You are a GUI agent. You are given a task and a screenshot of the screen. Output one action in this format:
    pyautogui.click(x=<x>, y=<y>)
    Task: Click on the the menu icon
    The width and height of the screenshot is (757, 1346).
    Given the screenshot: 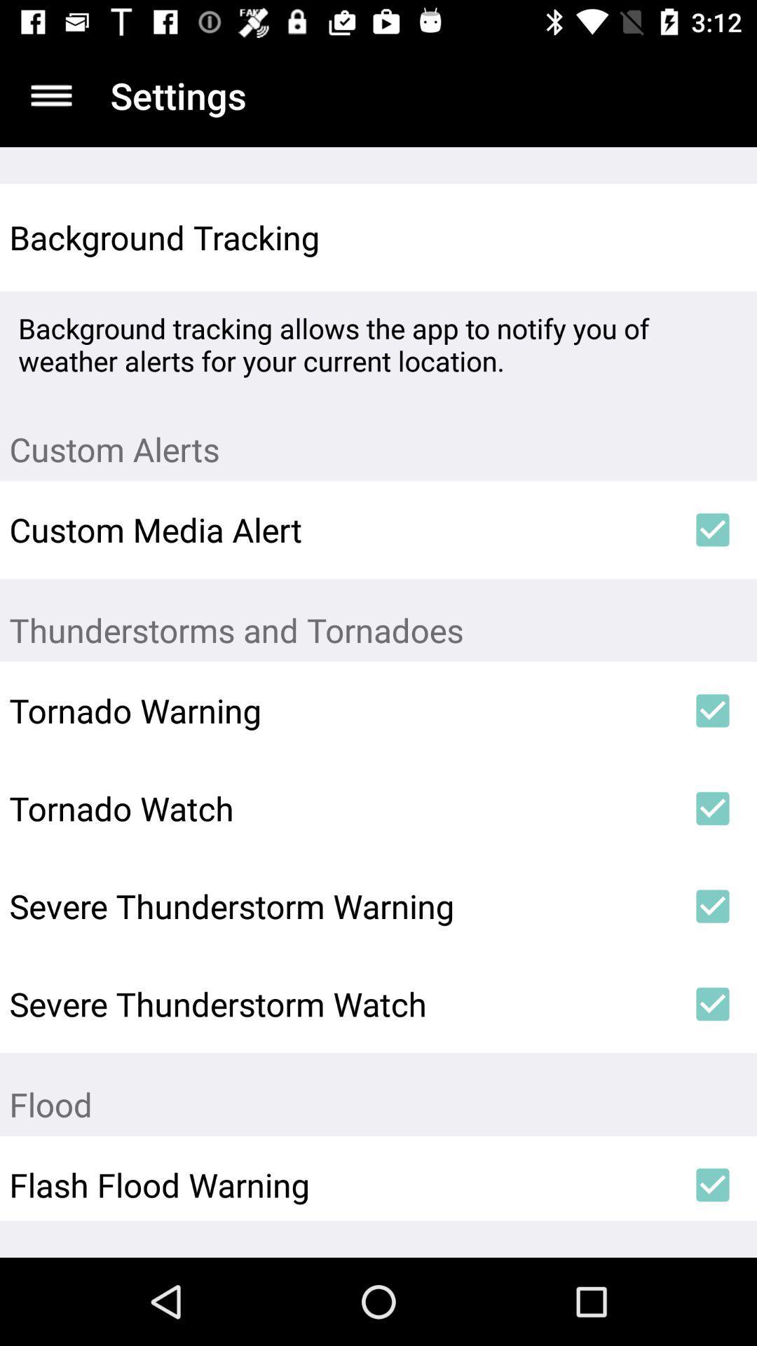 What is the action you would take?
    pyautogui.click(x=50, y=95)
    